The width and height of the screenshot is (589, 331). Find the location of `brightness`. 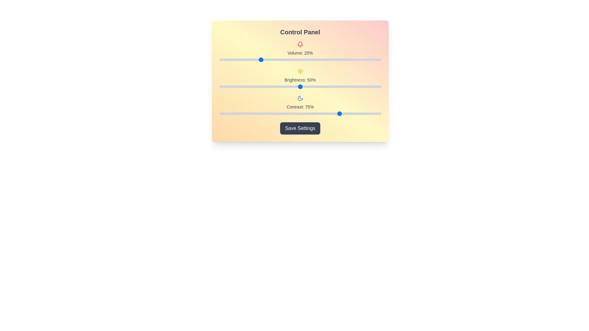

brightness is located at coordinates (271, 86).